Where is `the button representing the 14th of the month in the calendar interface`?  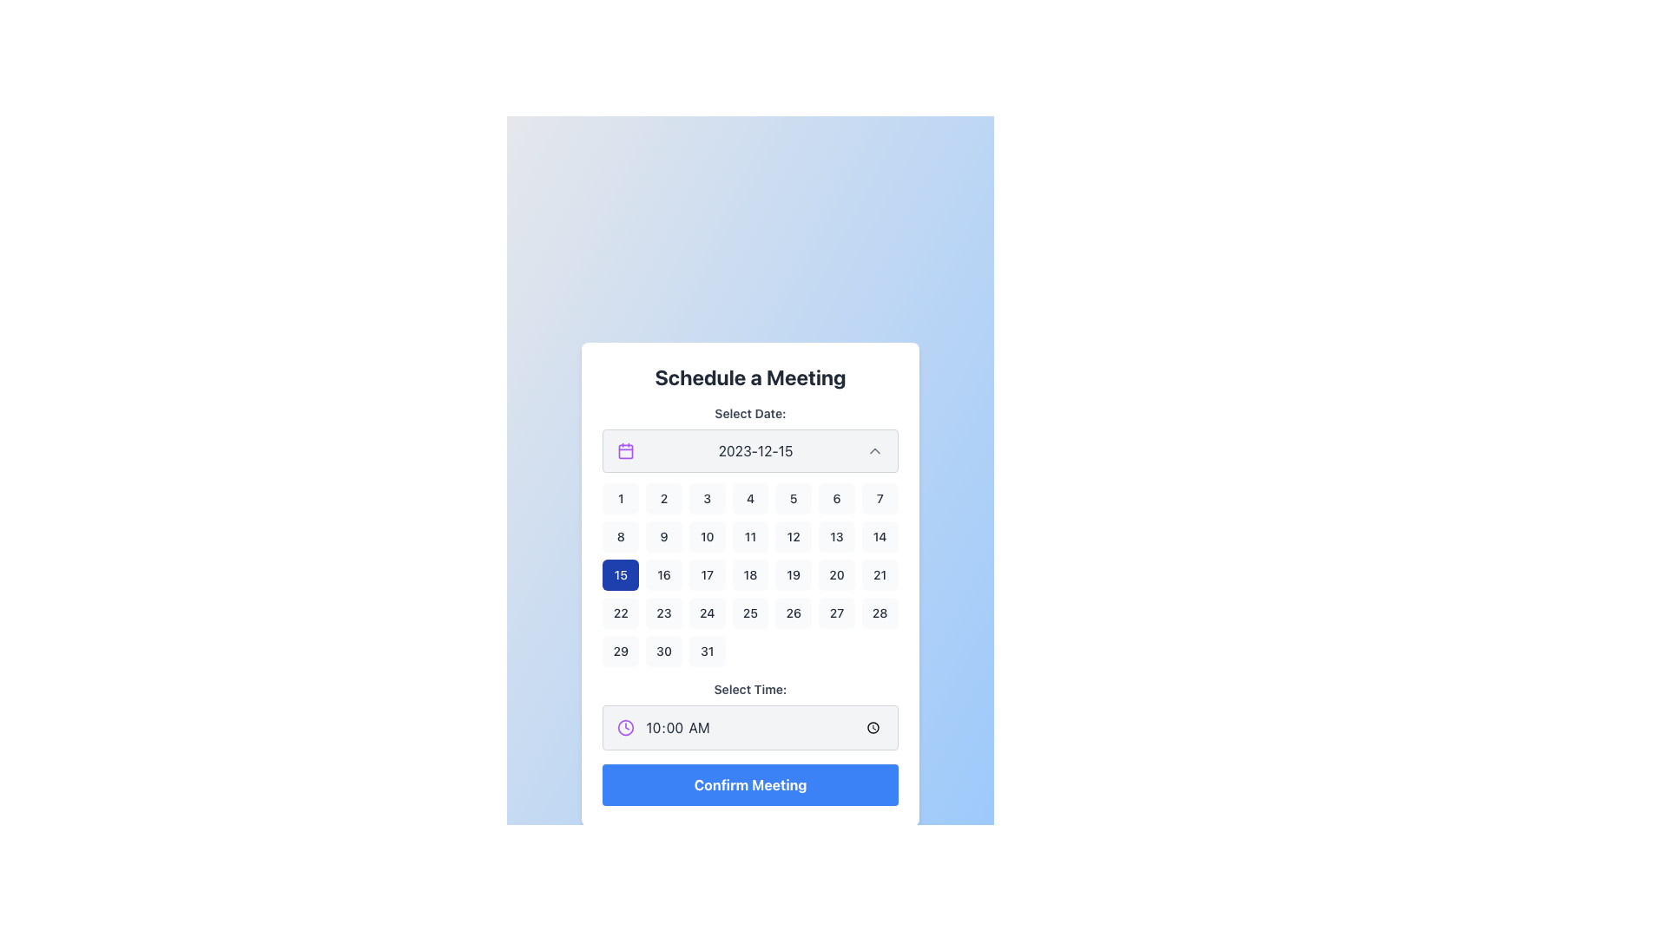 the button representing the 14th of the month in the calendar interface is located at coordinates (880, 535).